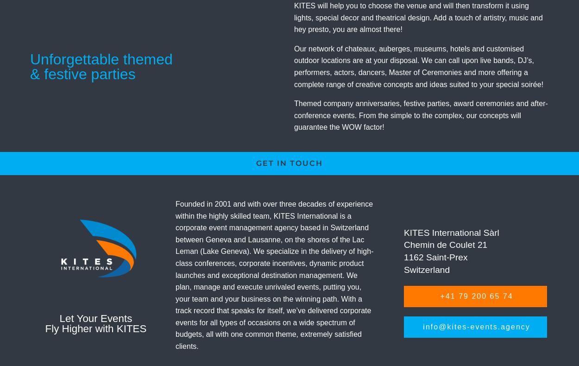 This screenshot has height=366, width=579. What do you see at coordinates (274, 274) in the screenshot?
I see `'Founded in 2001 and with over three decades of experience within the highly skilled team, KITES International is a corporate event management agency based in Switzerland between Geneva and Lausanne, on the shores of the Lac Leman (Lake Geneva). We specialize in the delivery of high-class conferences, corporate incentives, dynamic product launches and exceptional destination management. We plan, manage and execute unrivaled events, putting you, your team and your business on the winning path. With a track record that speaks for itself, we’ve delivered corporate events for all types of occasions on a wide spectrum of budgets, all with one common theme, extremely satisfied clients.'` at bounding box center [274, 274].